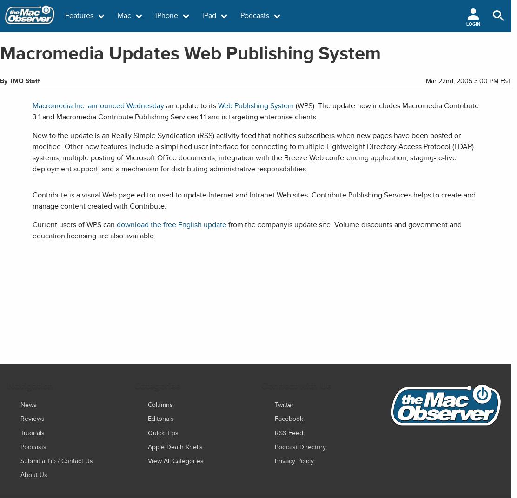 Image resolution: width=517 pixels, height=498 pixels. What do you see at coordinates (74, 224) in the screenshot?
I see `'Current users of WPS can'` at bounding box center [74, 224].